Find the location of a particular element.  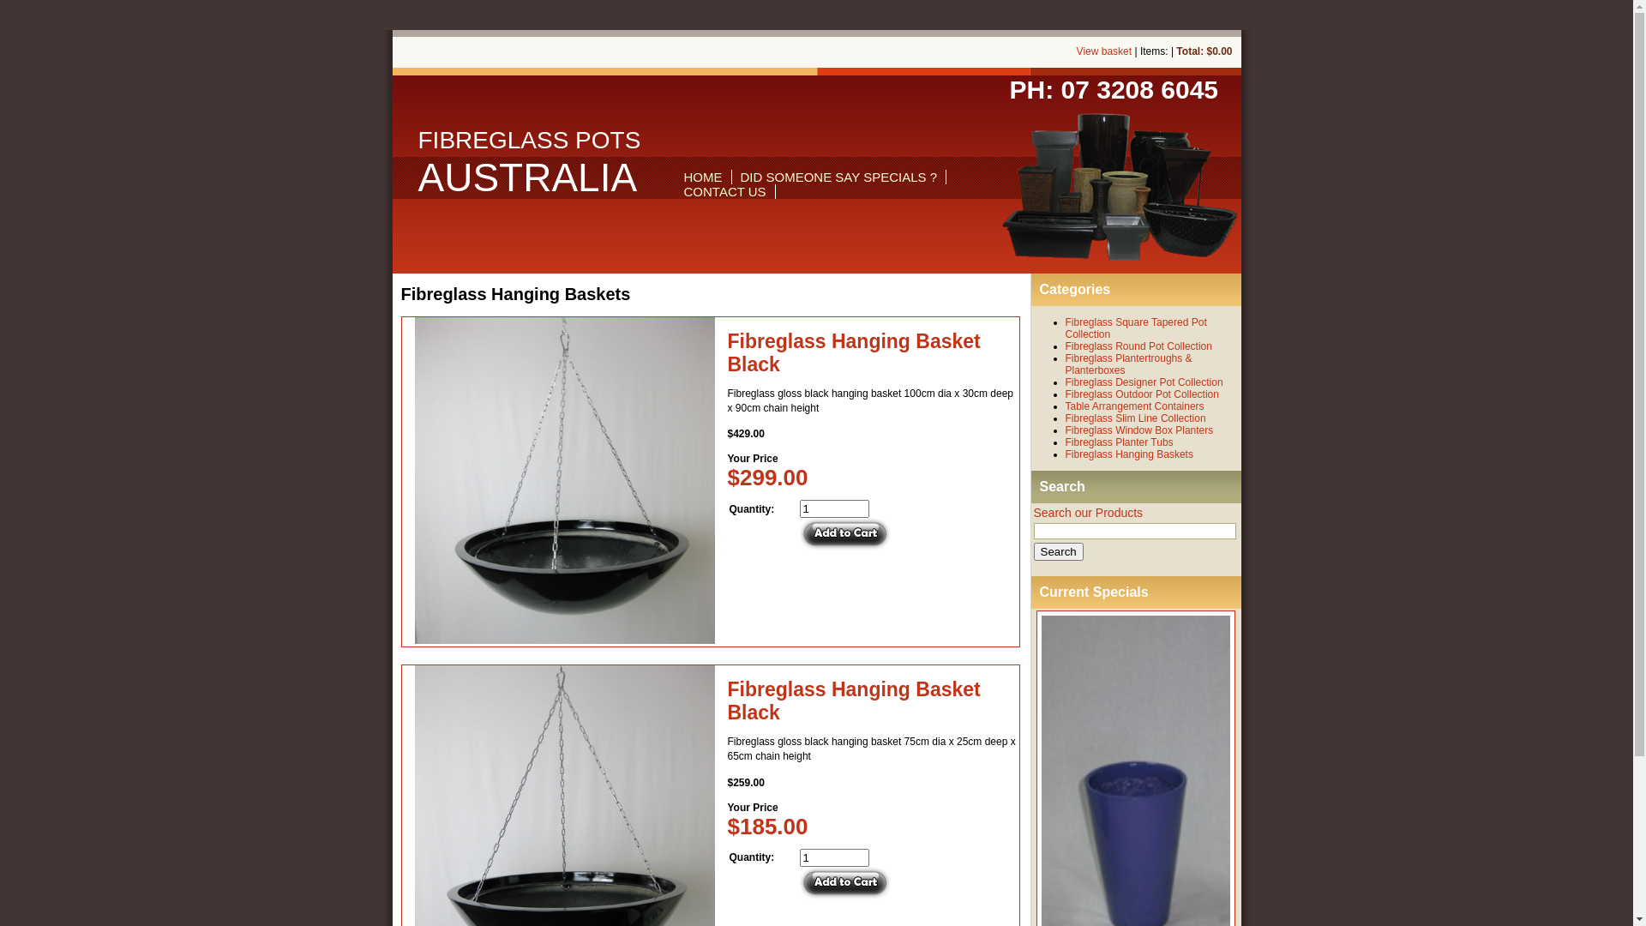

'Add to Cart +' is located at coordinates (844, 533).